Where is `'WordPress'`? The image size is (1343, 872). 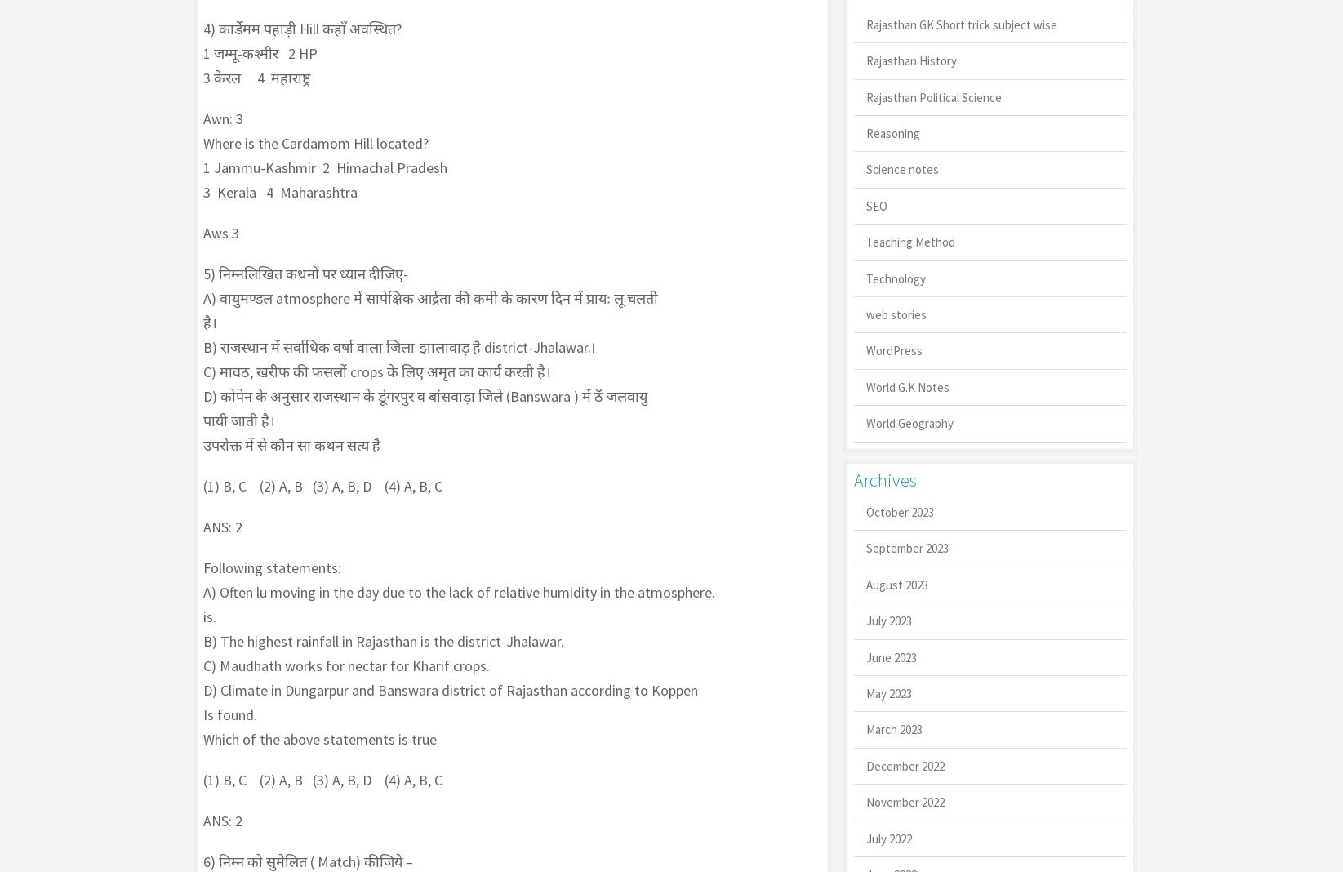 'WordPress' is located at coordinates (892, 350).